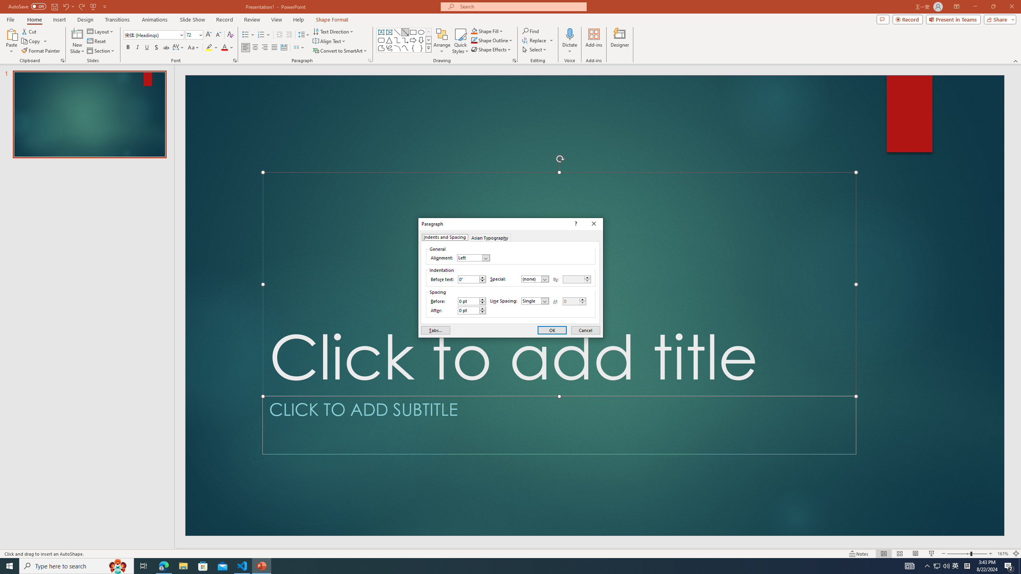 This screenshot has width=1021, height=574. What do you see at coordinates (489, 236) in the screenshot?
I see `'Asian Typography'` at bounding box center [489, 236].